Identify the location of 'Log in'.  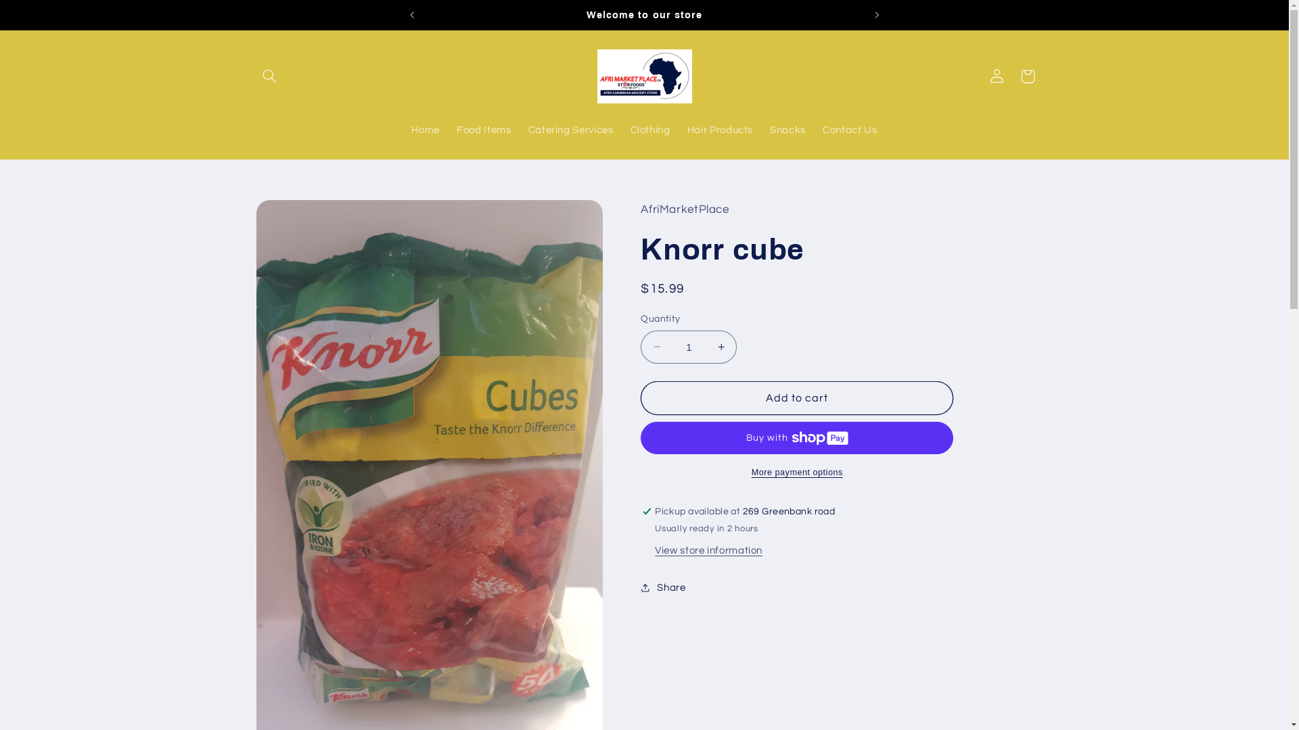
(997, 76).